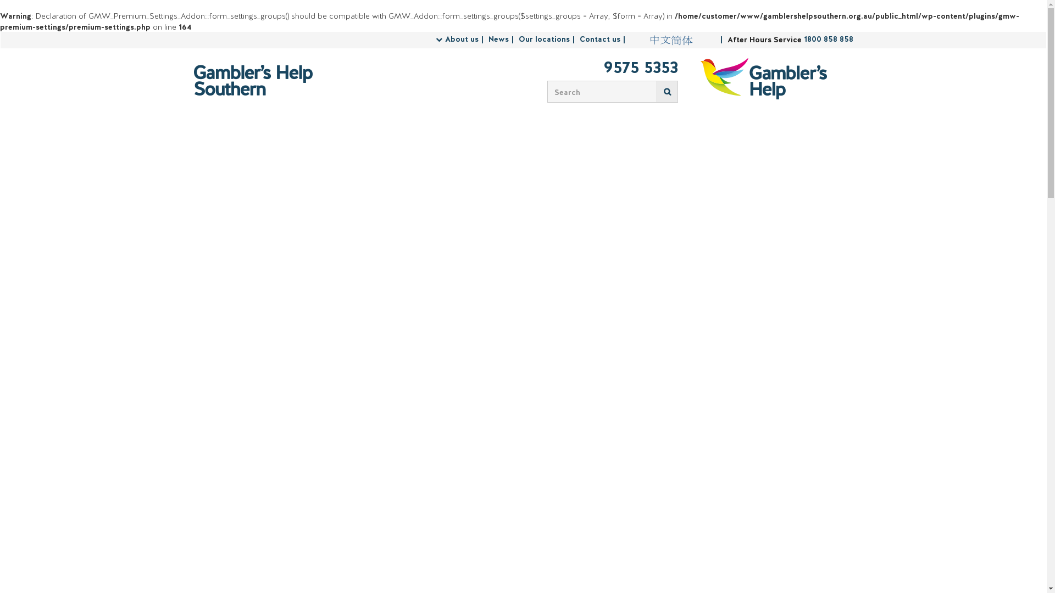  I want to click on 'Contact us', so click(603, 39).